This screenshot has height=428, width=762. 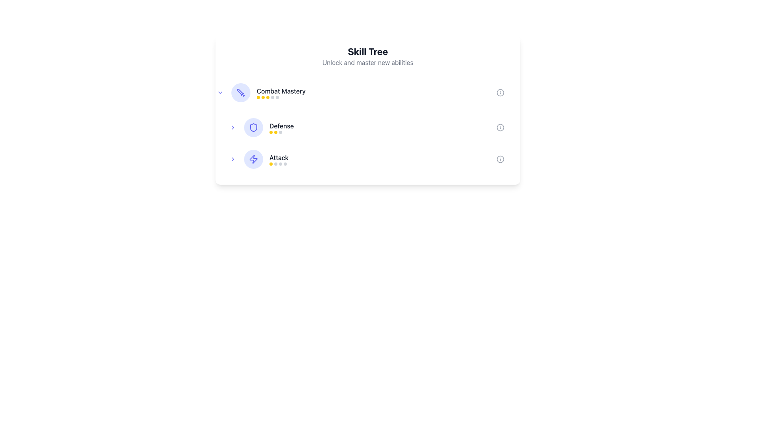 I want to click on the 'Combat Mastery' skill icon, which is located to the left of the text 'Combat Mastery' in the Skill Tree section, so click(x=240, y=92).